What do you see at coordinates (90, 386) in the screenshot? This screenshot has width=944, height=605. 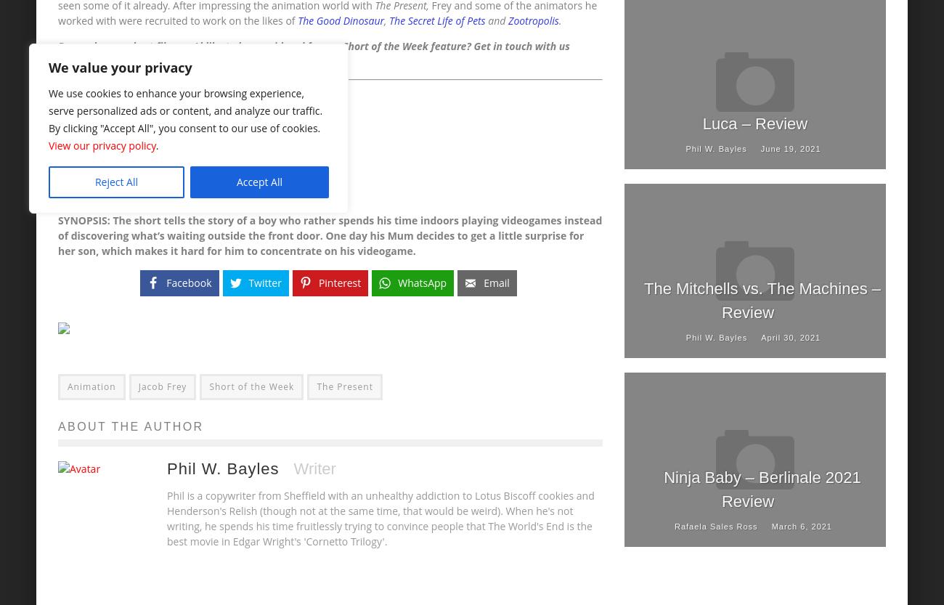 I see `'Animation'` at bounding box center [90, 386].